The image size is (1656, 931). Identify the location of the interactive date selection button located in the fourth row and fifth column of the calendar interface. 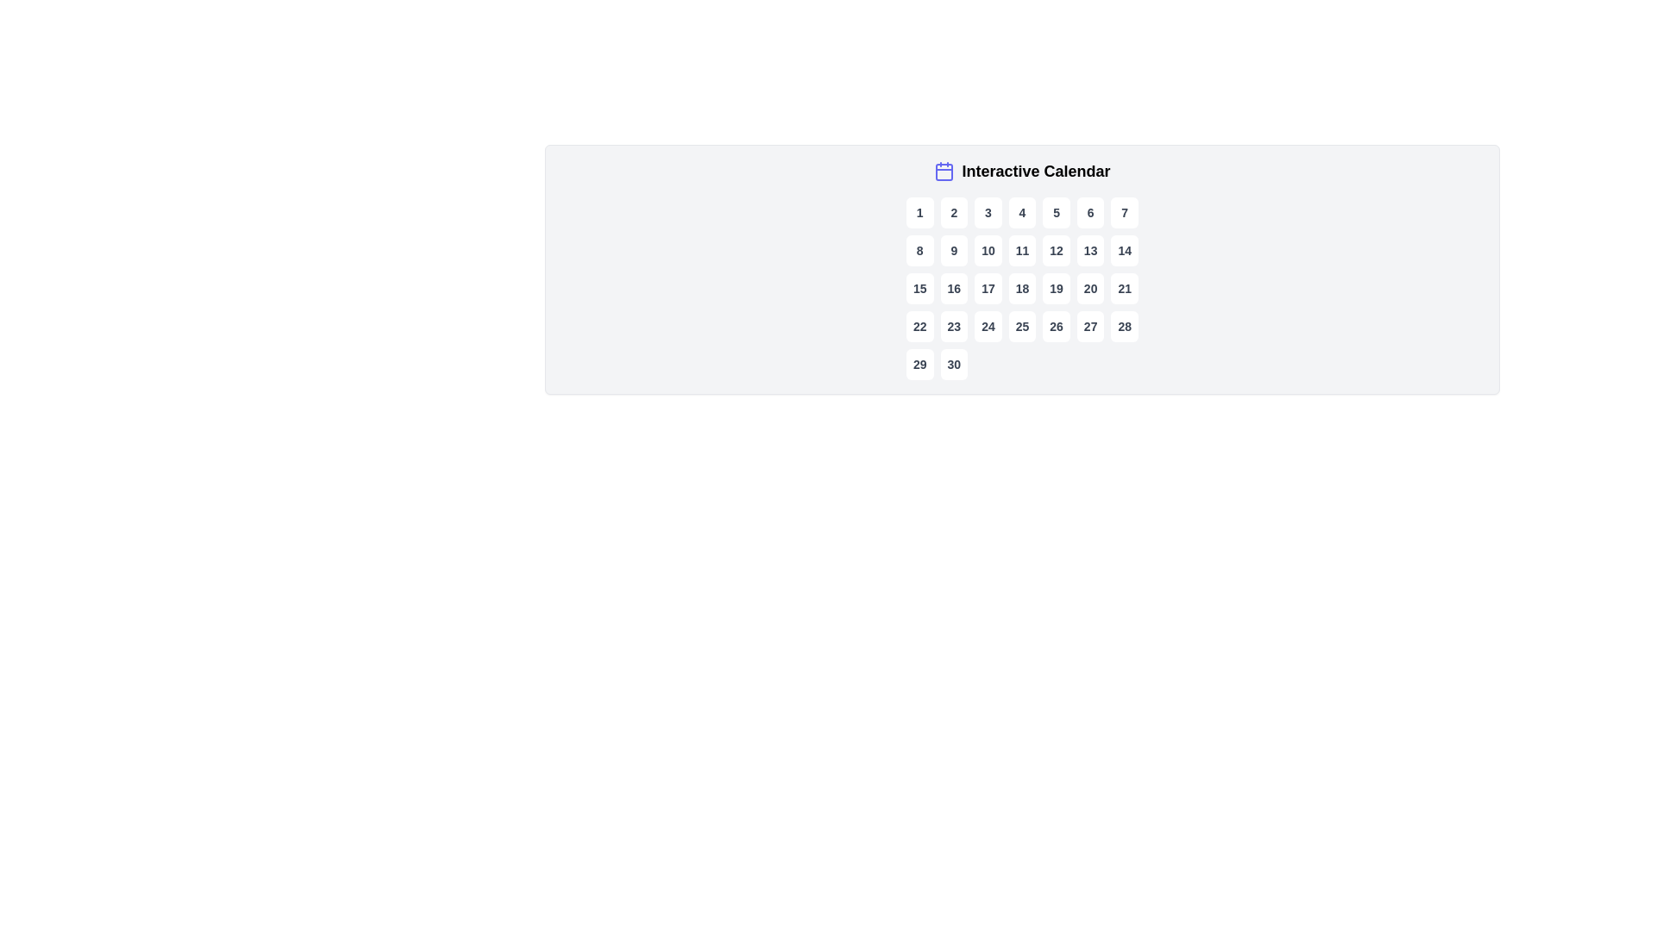
(1056, 326).